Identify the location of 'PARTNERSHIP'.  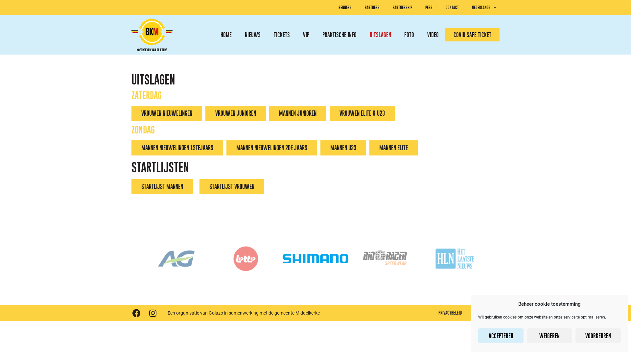
(402, 8).